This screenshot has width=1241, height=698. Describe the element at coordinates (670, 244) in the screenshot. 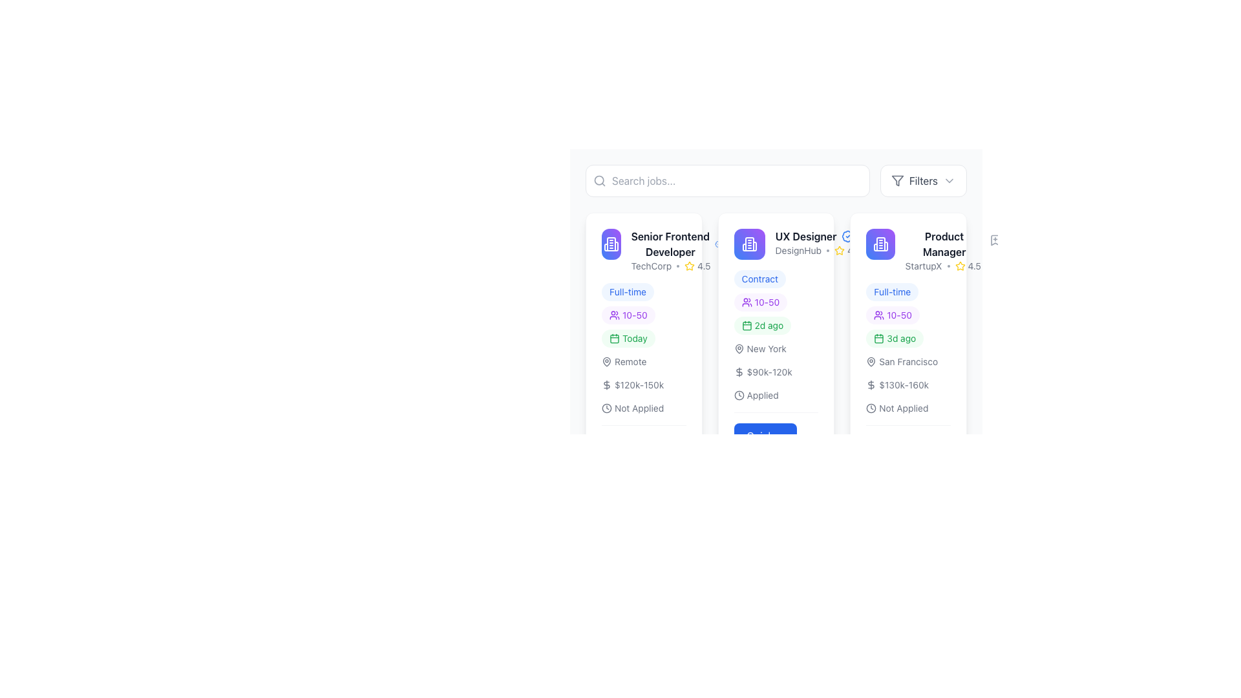

I see `the text label displaying 'Senior Frontend Developer'` at that location.